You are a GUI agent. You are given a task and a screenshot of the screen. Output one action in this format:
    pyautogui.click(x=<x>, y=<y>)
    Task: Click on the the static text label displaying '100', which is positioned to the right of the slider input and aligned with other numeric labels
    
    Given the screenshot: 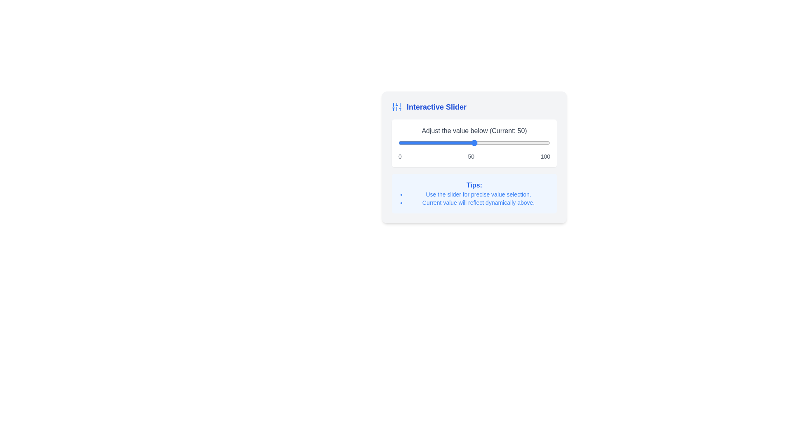 What is the action you would take?
    pyautogui.click(x=545, y=157)
    